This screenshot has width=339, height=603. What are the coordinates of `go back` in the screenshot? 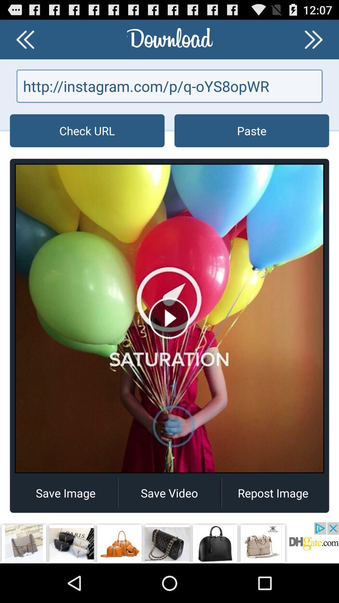 It's located at (25, 39).